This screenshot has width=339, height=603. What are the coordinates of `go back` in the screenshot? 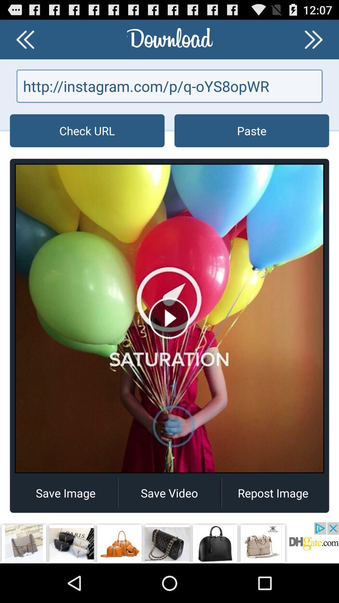 It's located at (25, 39).